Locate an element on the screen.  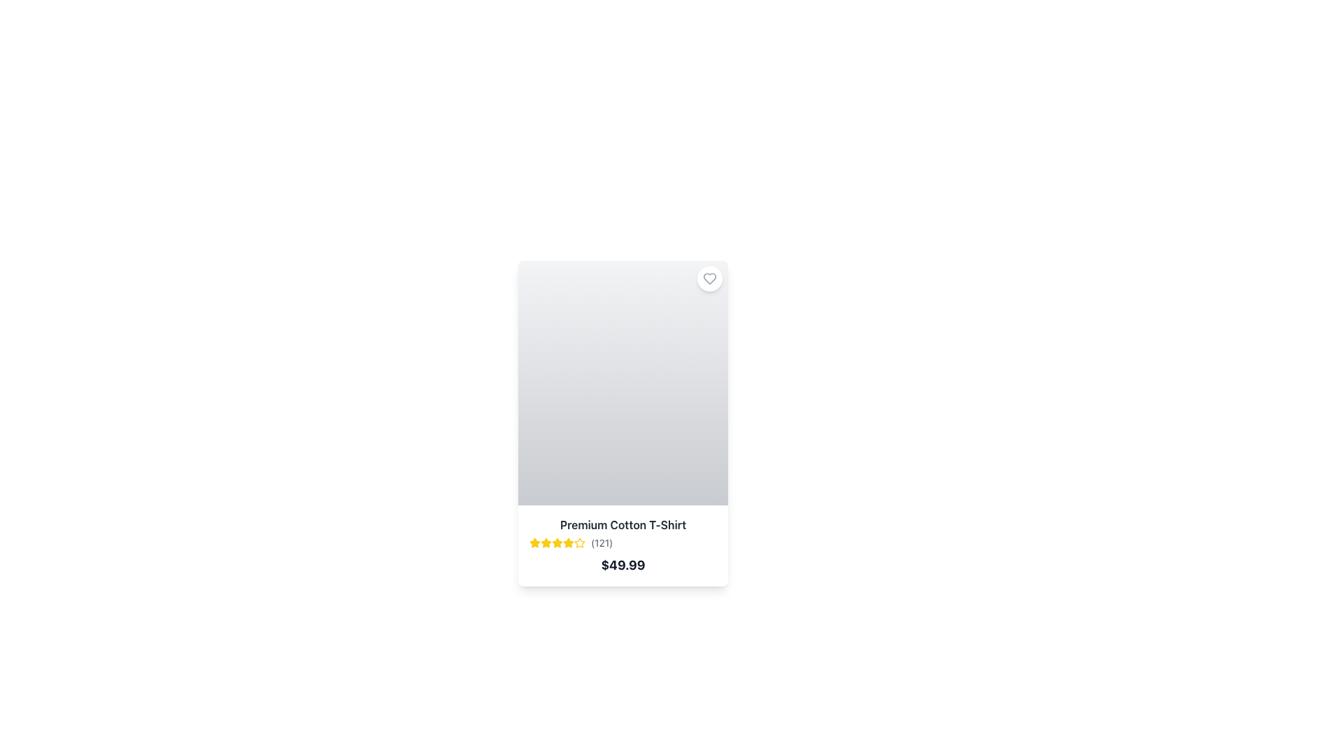
the star-based rating widget in the product summary element is located at coordinates (623, 545).